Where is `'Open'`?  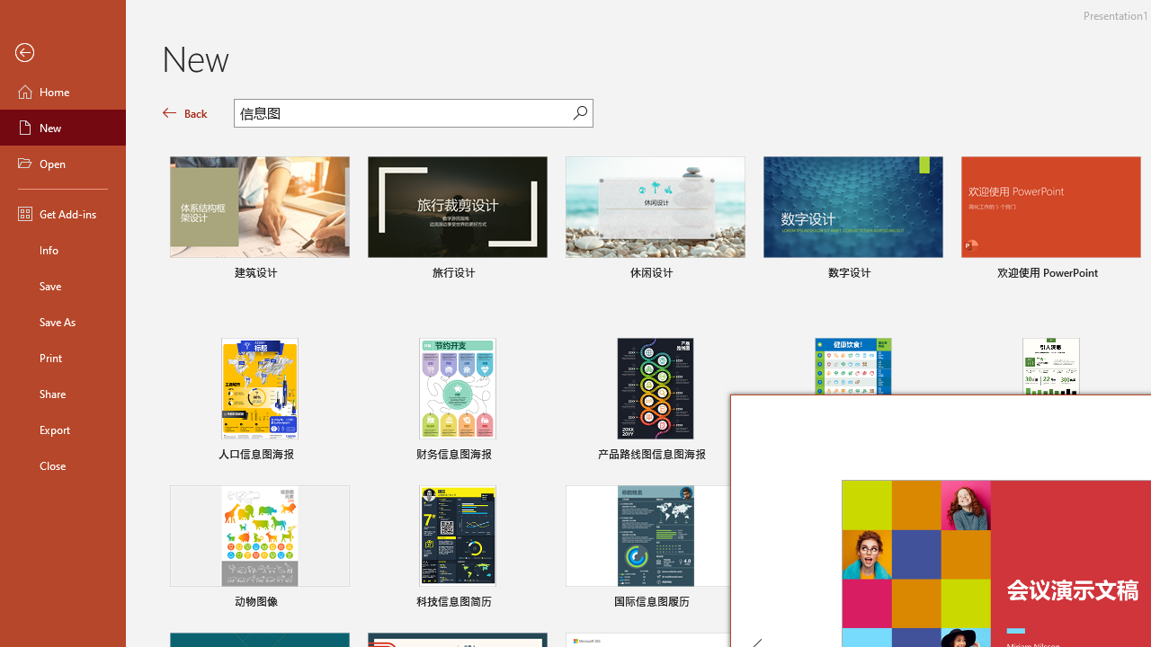 'Open' is located at coordinates (62, 164).